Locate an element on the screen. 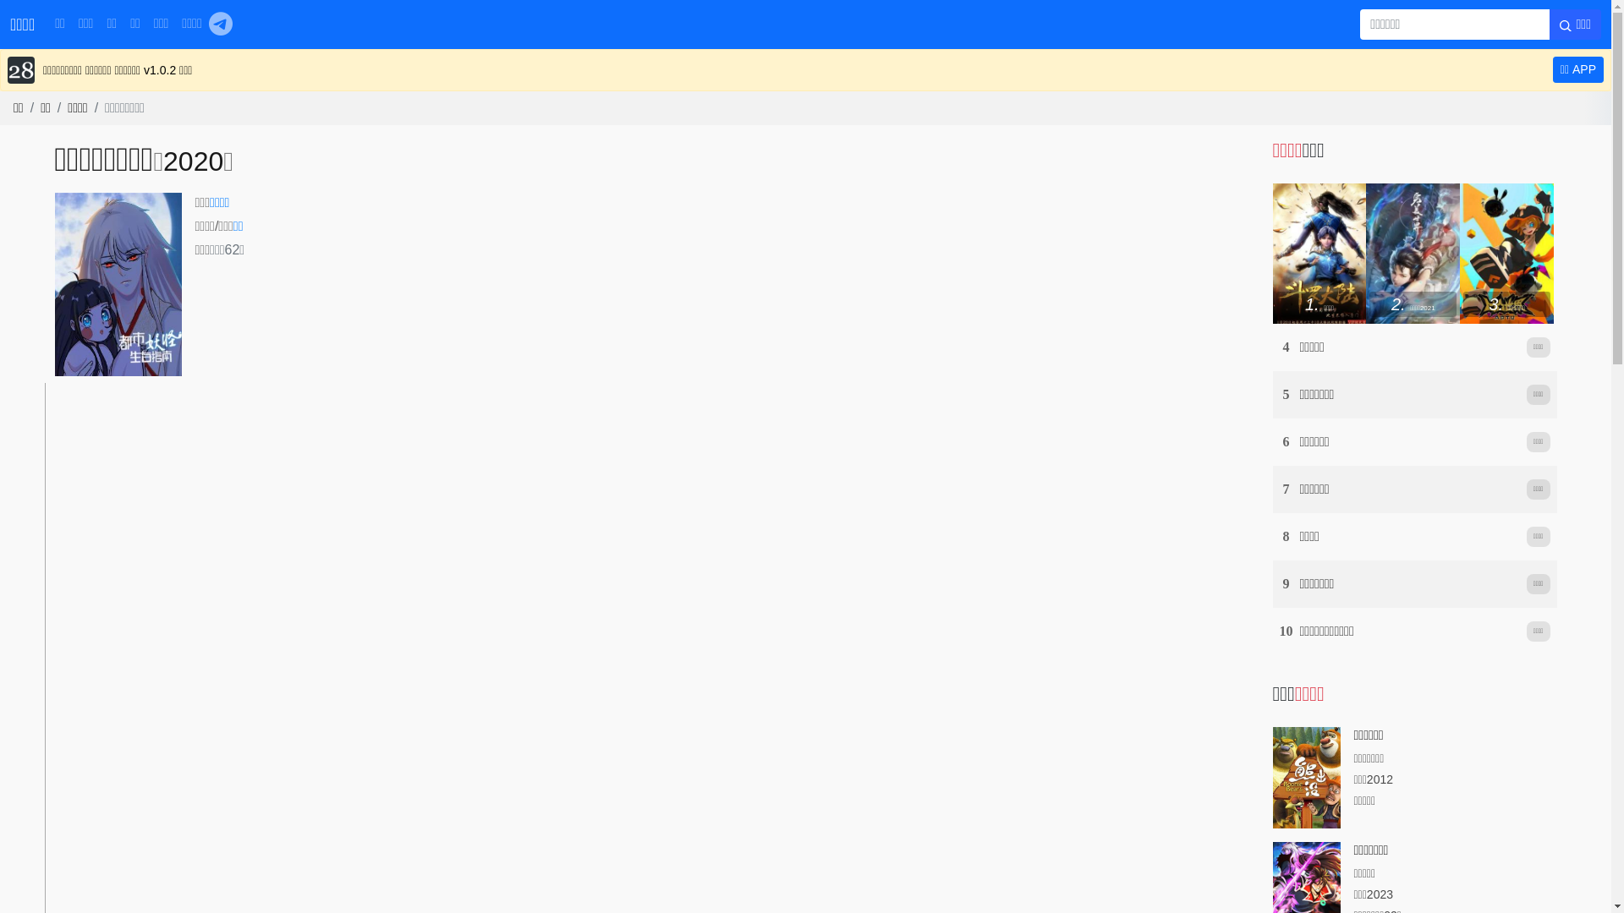  '2020' is located at coordinates (193, 161).